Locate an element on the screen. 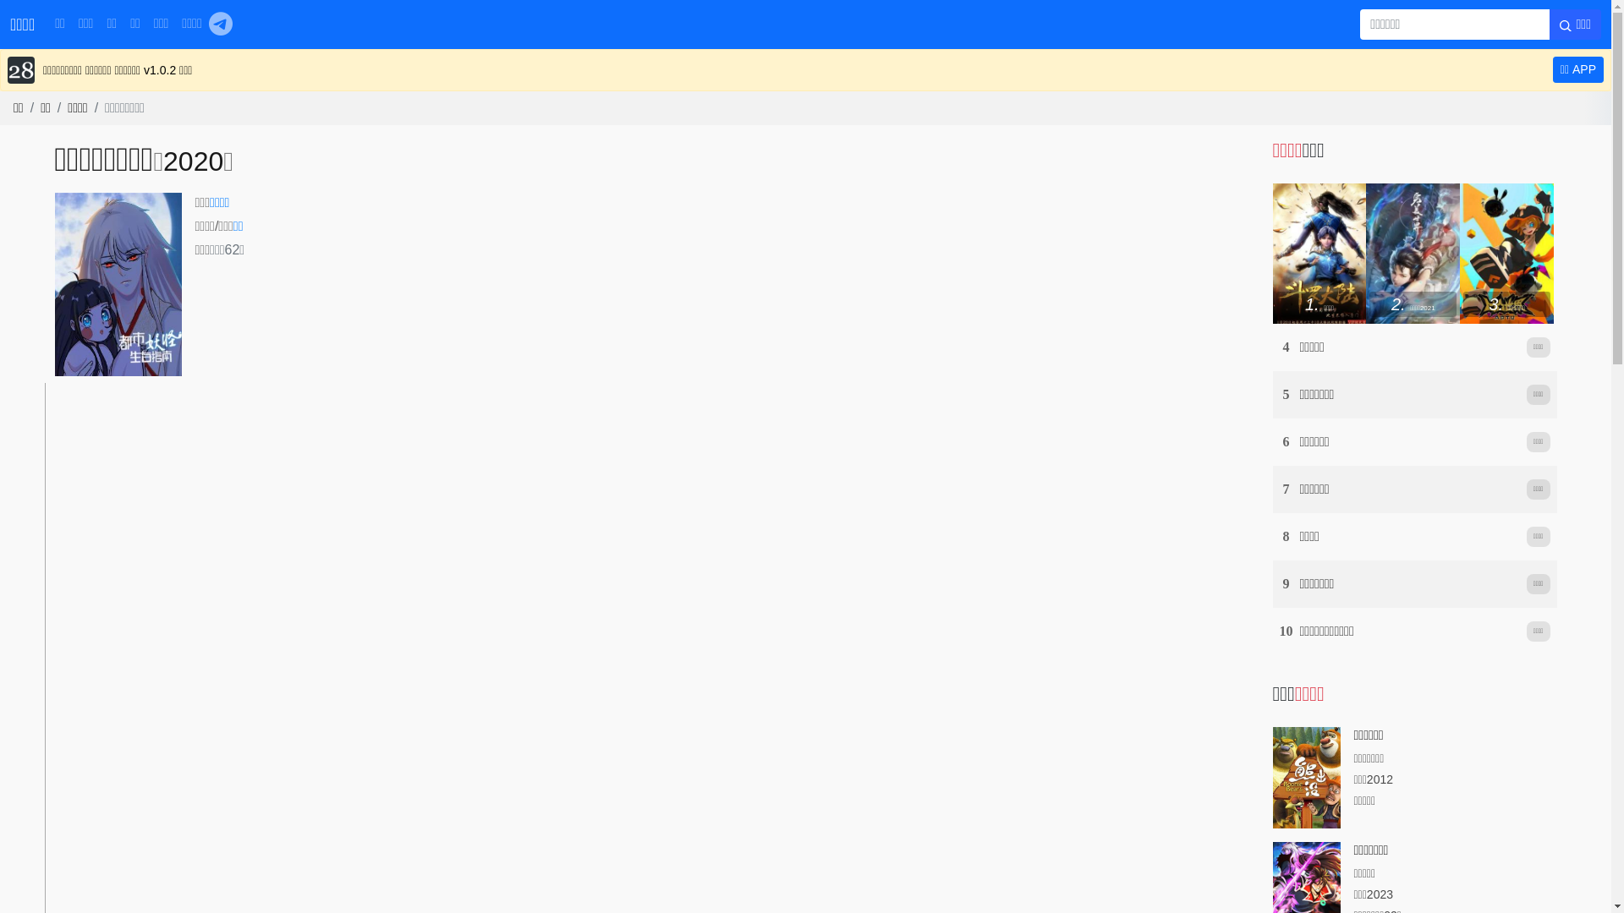  '2020' is located at coordinates (193, 161).